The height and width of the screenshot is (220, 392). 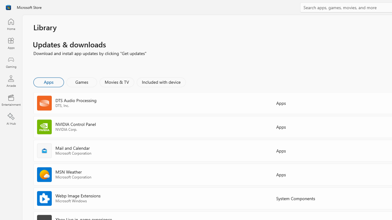 What do you see at coordinates (11, 81) in the screenshot?
I see `'Arcade'` at bounding box center [11, 81].